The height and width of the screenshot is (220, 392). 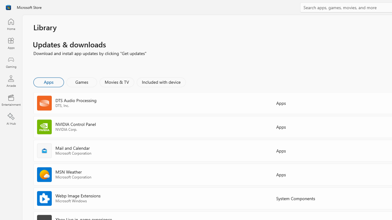 What do you see at coordinates (11, 81) in the screenshot?
I see `'Arcade'` at bounding box center [11, 81].